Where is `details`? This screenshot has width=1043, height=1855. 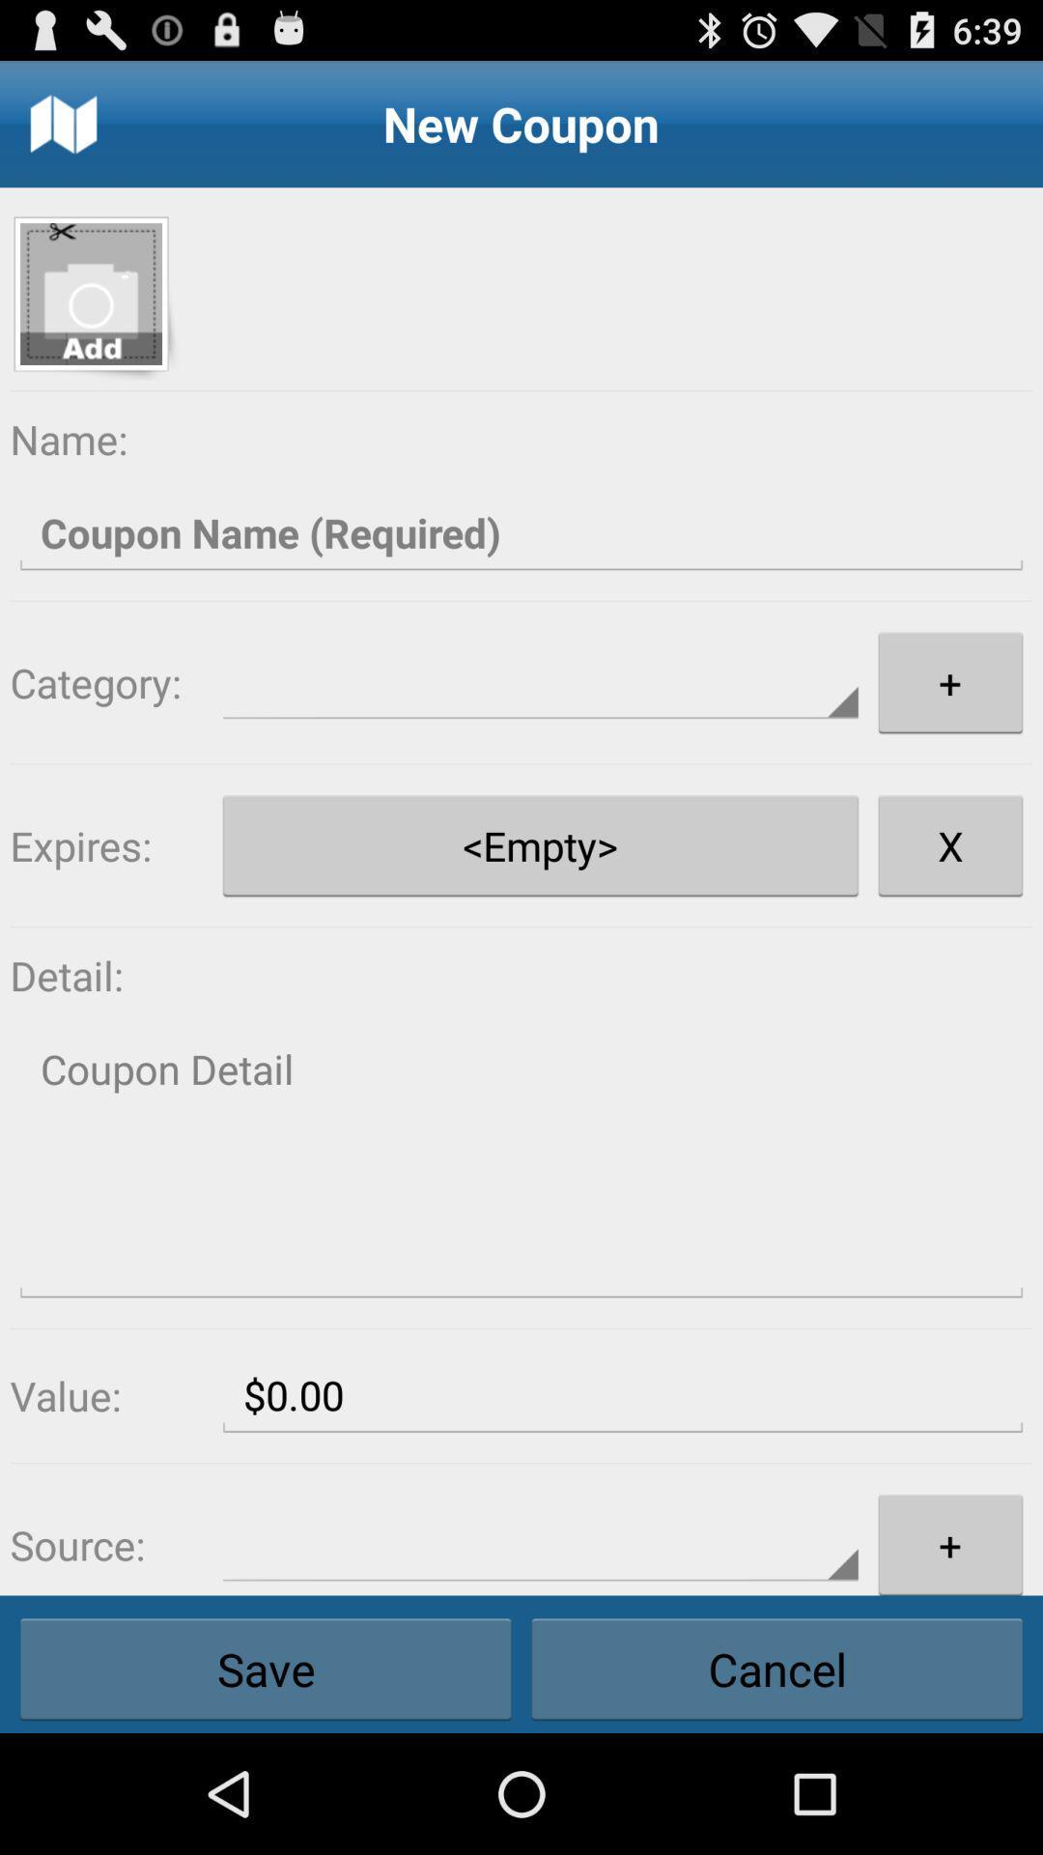 details is located at coordinates (521, 1164).